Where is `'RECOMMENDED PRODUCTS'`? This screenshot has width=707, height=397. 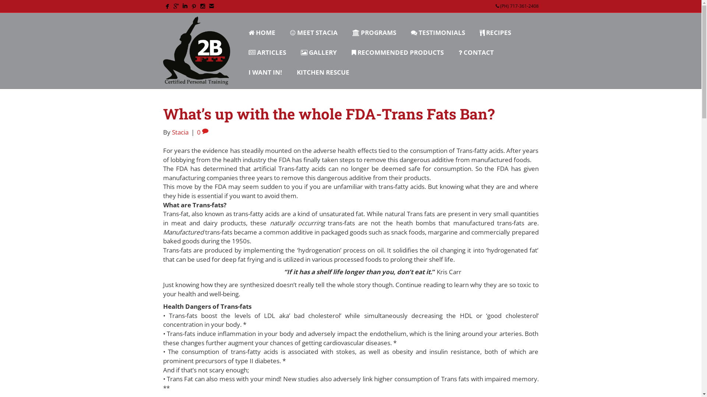 'RECOMMENDED PRODUCTS' is located at coordinates (344, 50).